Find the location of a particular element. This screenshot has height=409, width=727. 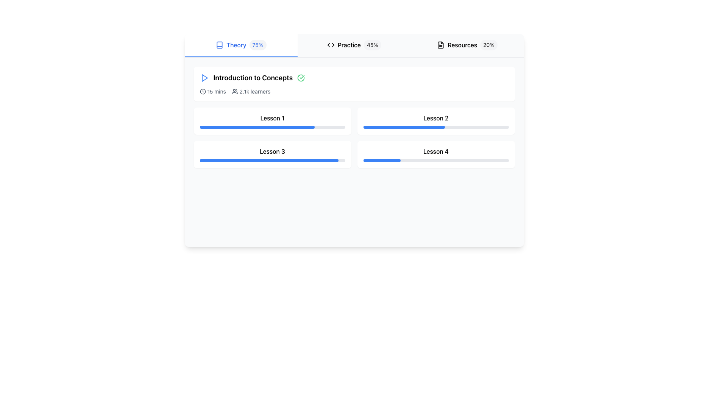

the progress bar segment representing the completion status of 'Lesson 4', which is styled in gray and located in the bottom-right quadrant of the application interface is located at coordinates (382, 160).